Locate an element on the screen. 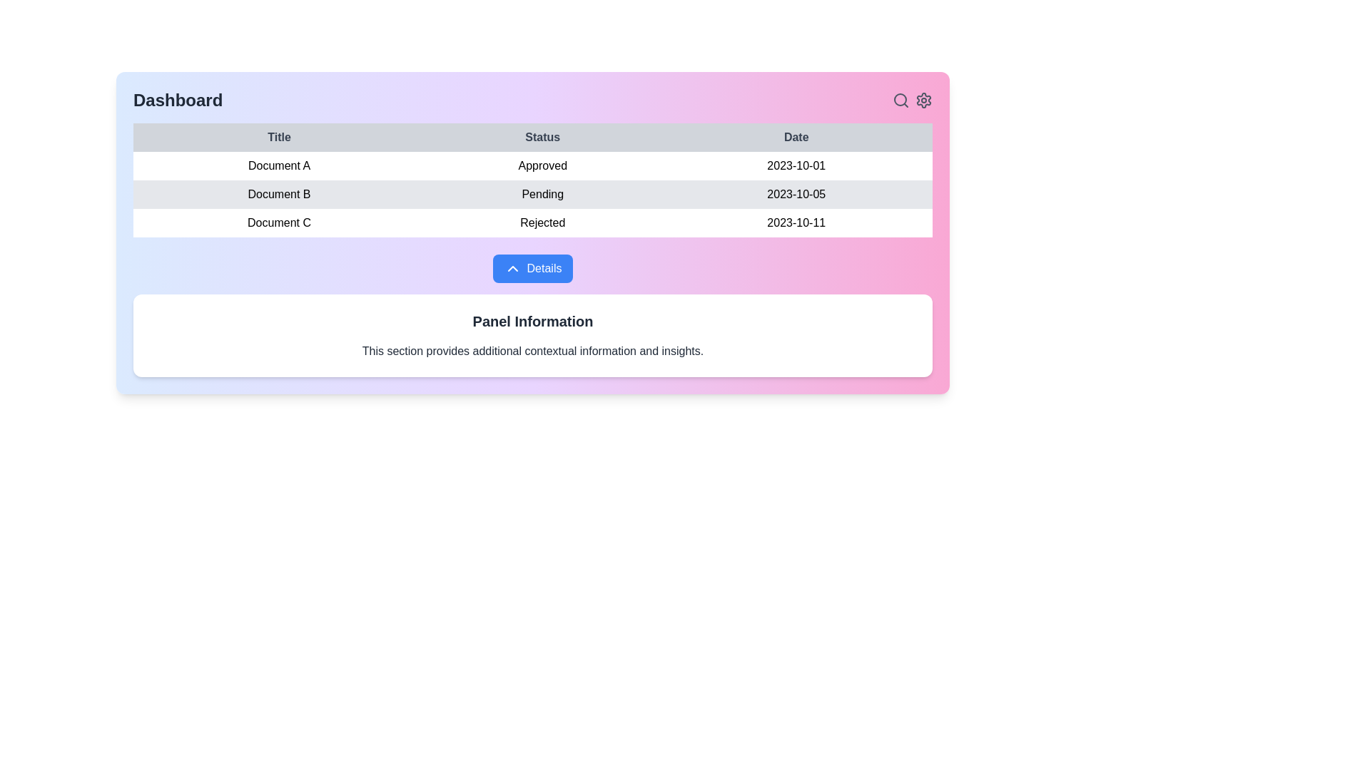 This screenshot has height=770, width=1370. the Table Header Row at the top of the data table in the dashboard interface, which displays the column labels is located at coordinates (532, 137).